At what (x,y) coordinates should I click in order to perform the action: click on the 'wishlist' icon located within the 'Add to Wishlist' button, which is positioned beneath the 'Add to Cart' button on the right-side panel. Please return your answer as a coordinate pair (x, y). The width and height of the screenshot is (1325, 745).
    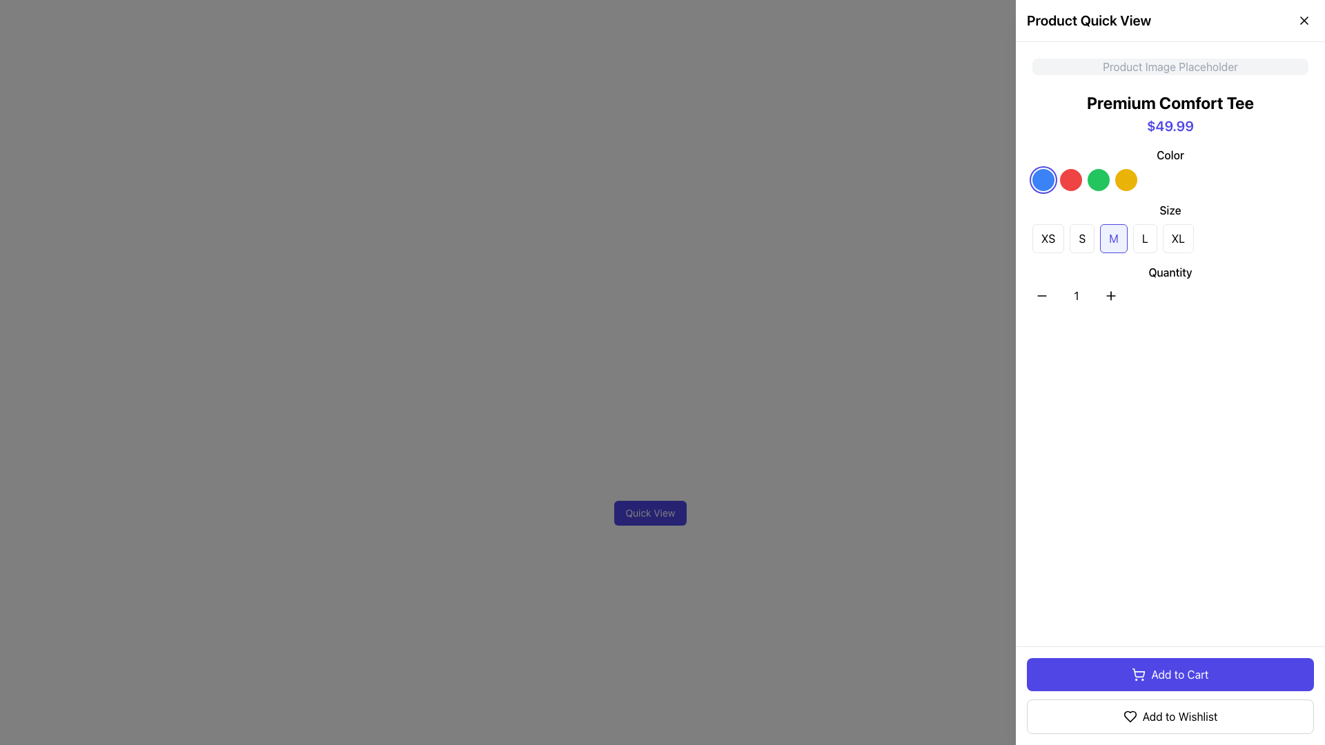
    Looking at the image, I should click on (1130, 715).